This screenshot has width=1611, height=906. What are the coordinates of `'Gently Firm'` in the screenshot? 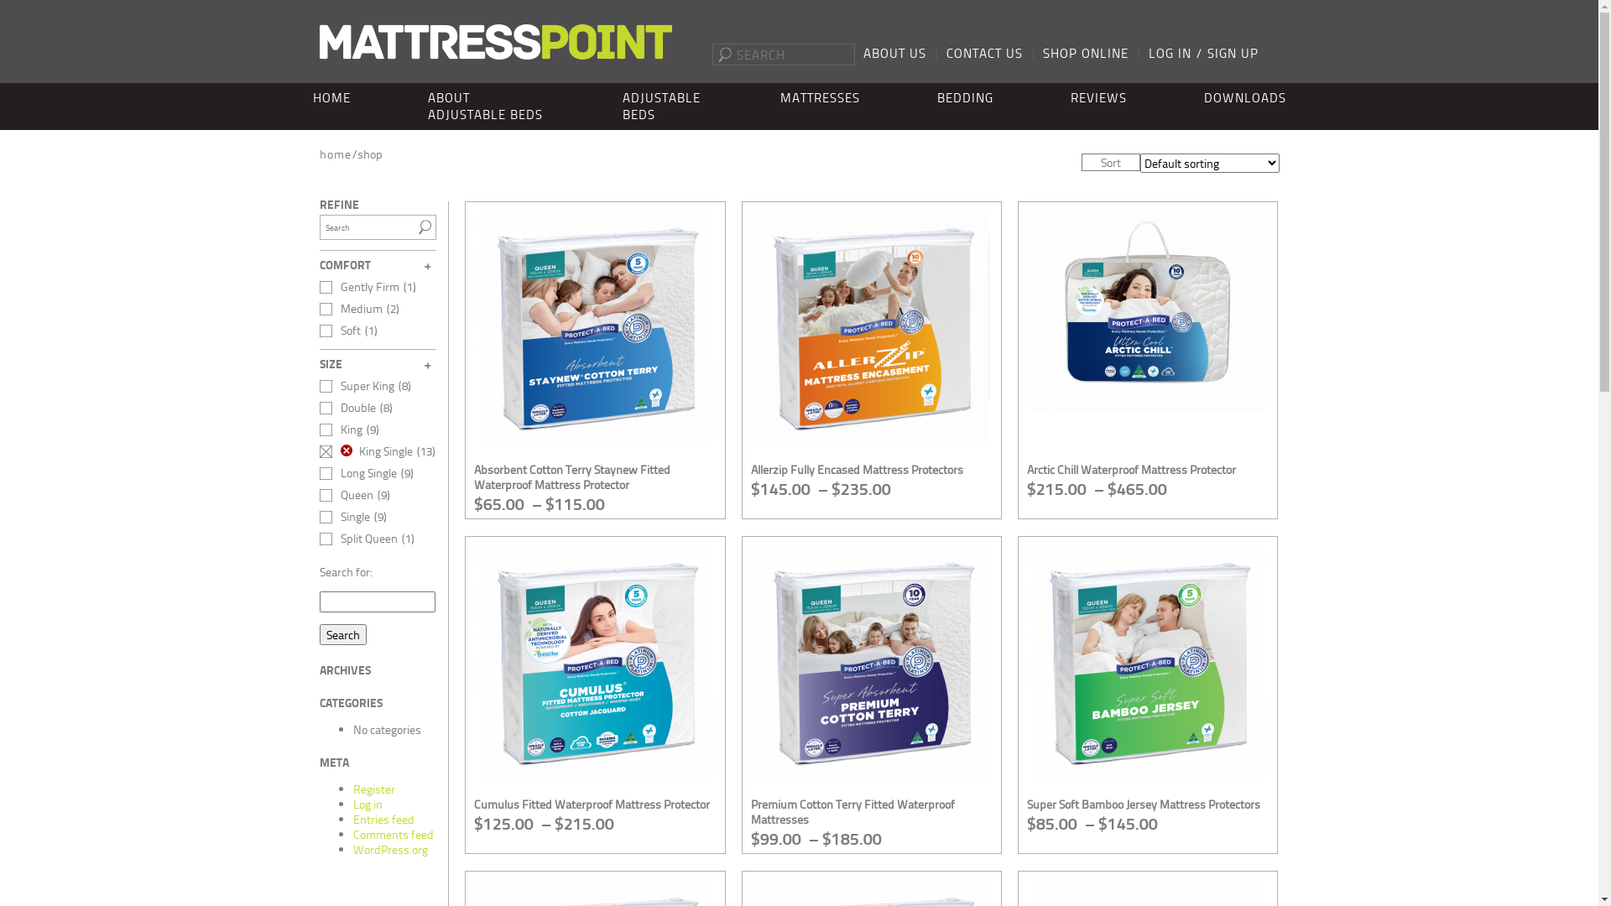 It's located at (357, 286).